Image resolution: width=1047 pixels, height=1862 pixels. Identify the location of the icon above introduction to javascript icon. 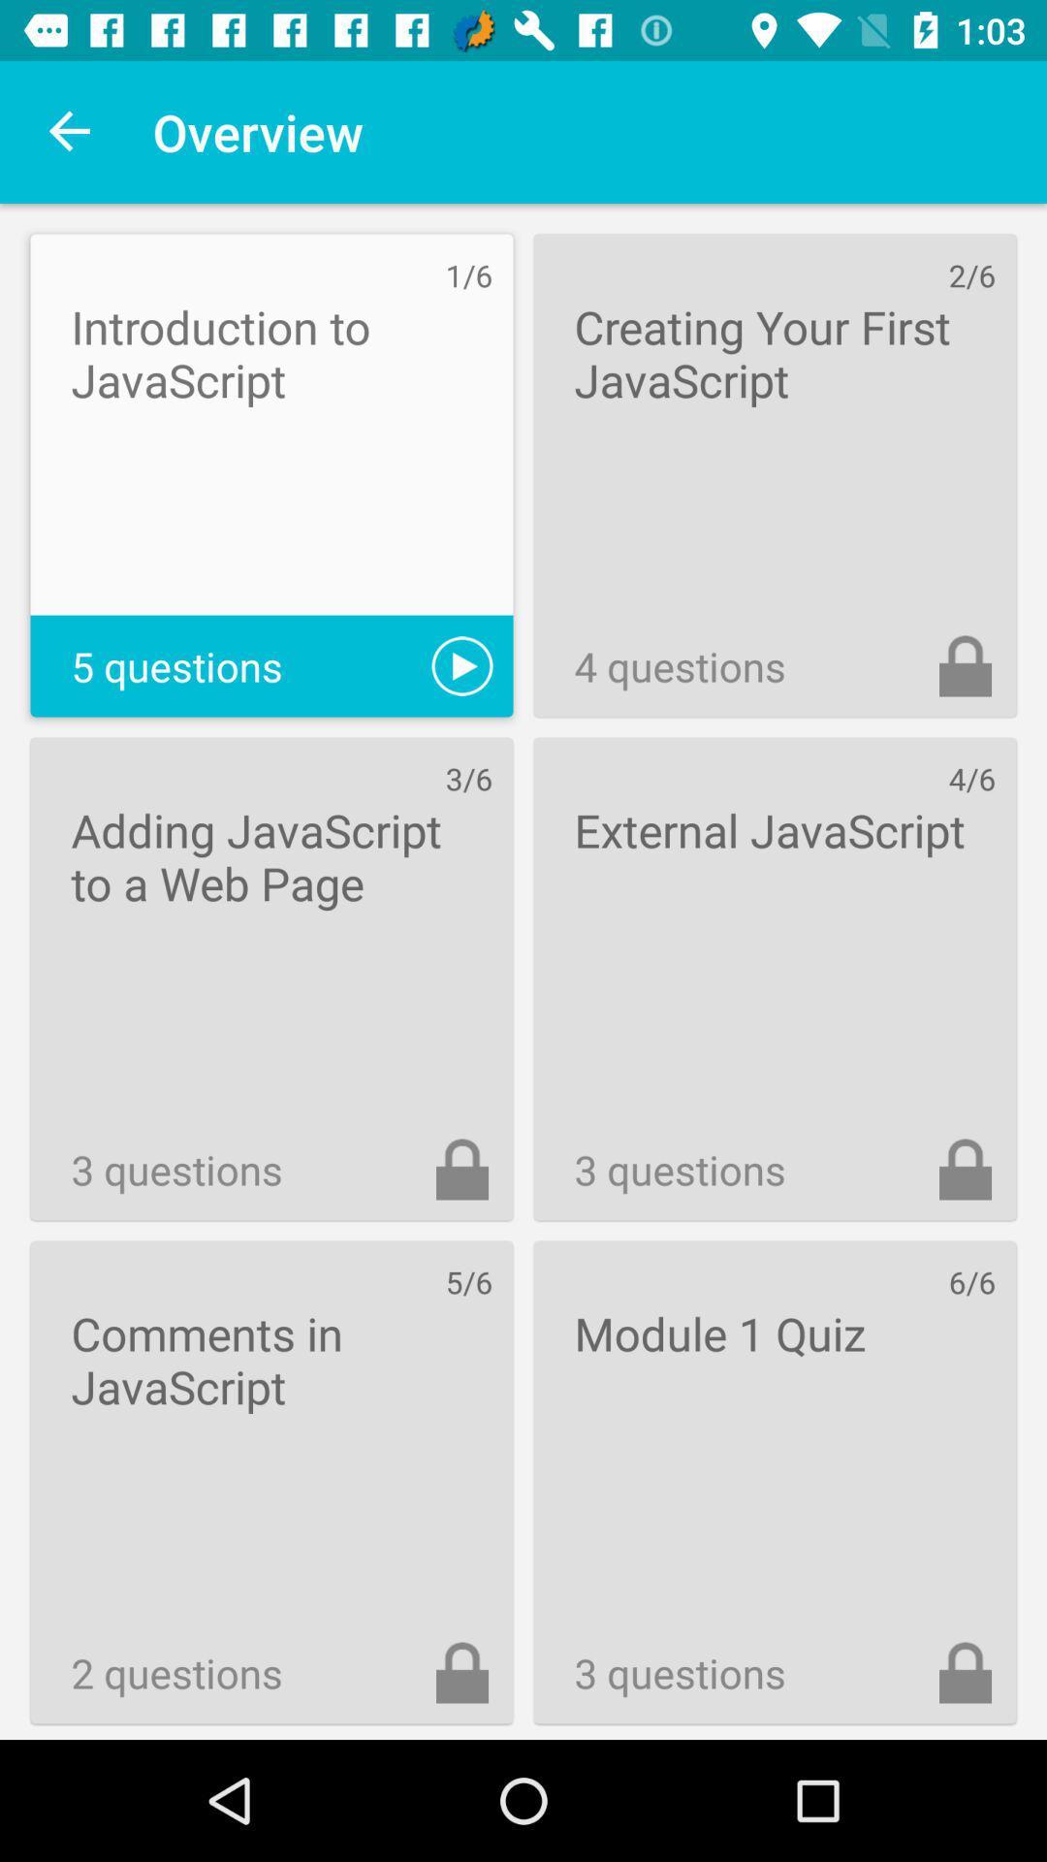
(70, 131).